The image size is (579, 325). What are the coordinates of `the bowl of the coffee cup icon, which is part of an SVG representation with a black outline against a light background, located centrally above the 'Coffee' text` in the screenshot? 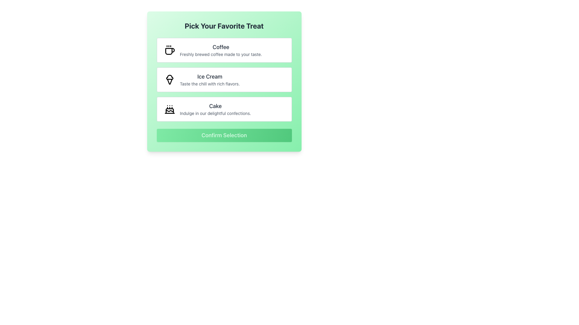 It's located at (169, 51).